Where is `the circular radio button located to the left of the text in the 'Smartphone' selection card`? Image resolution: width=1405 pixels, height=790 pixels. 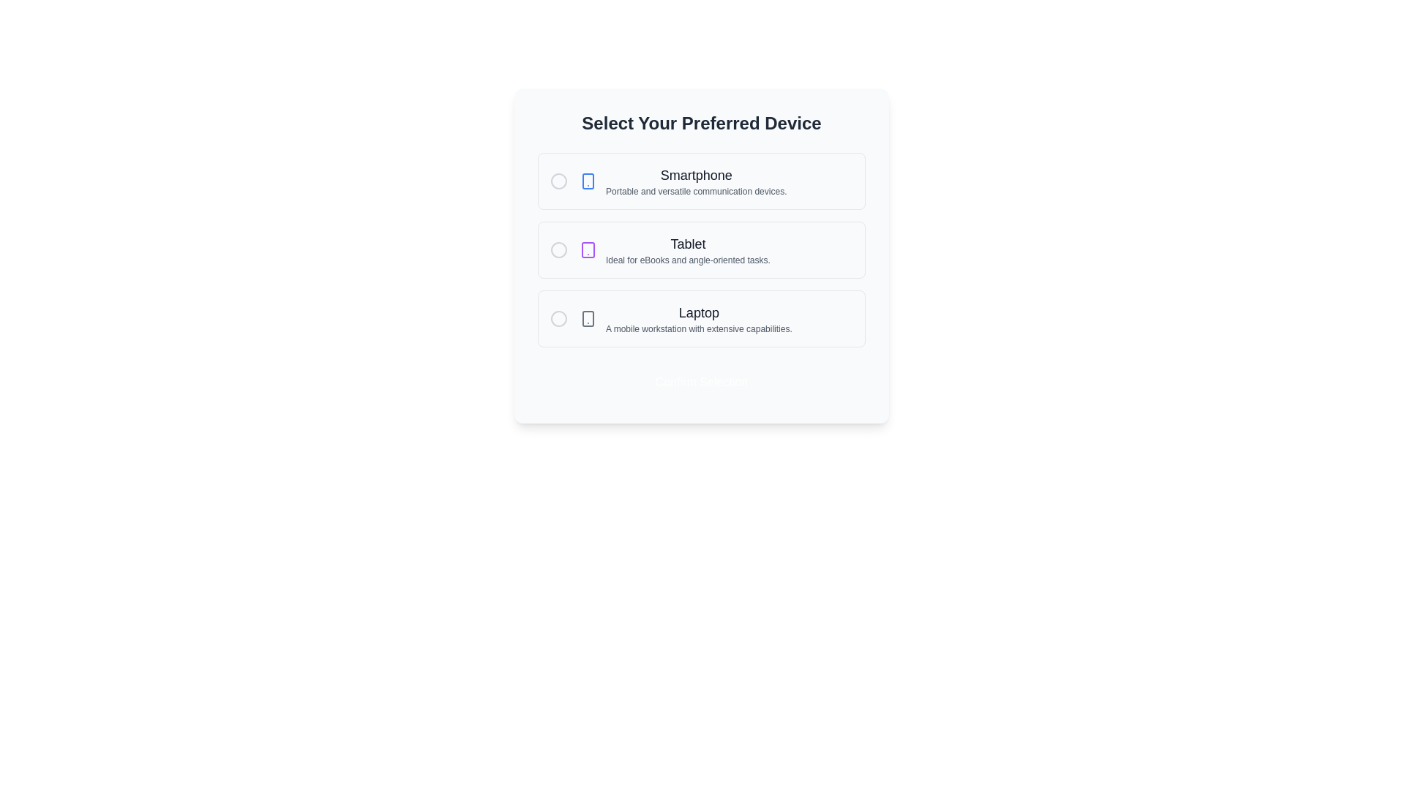 the circular radio button located to the left of the text in the 'Smartphone' selection card is located at coordinates (558, 180).